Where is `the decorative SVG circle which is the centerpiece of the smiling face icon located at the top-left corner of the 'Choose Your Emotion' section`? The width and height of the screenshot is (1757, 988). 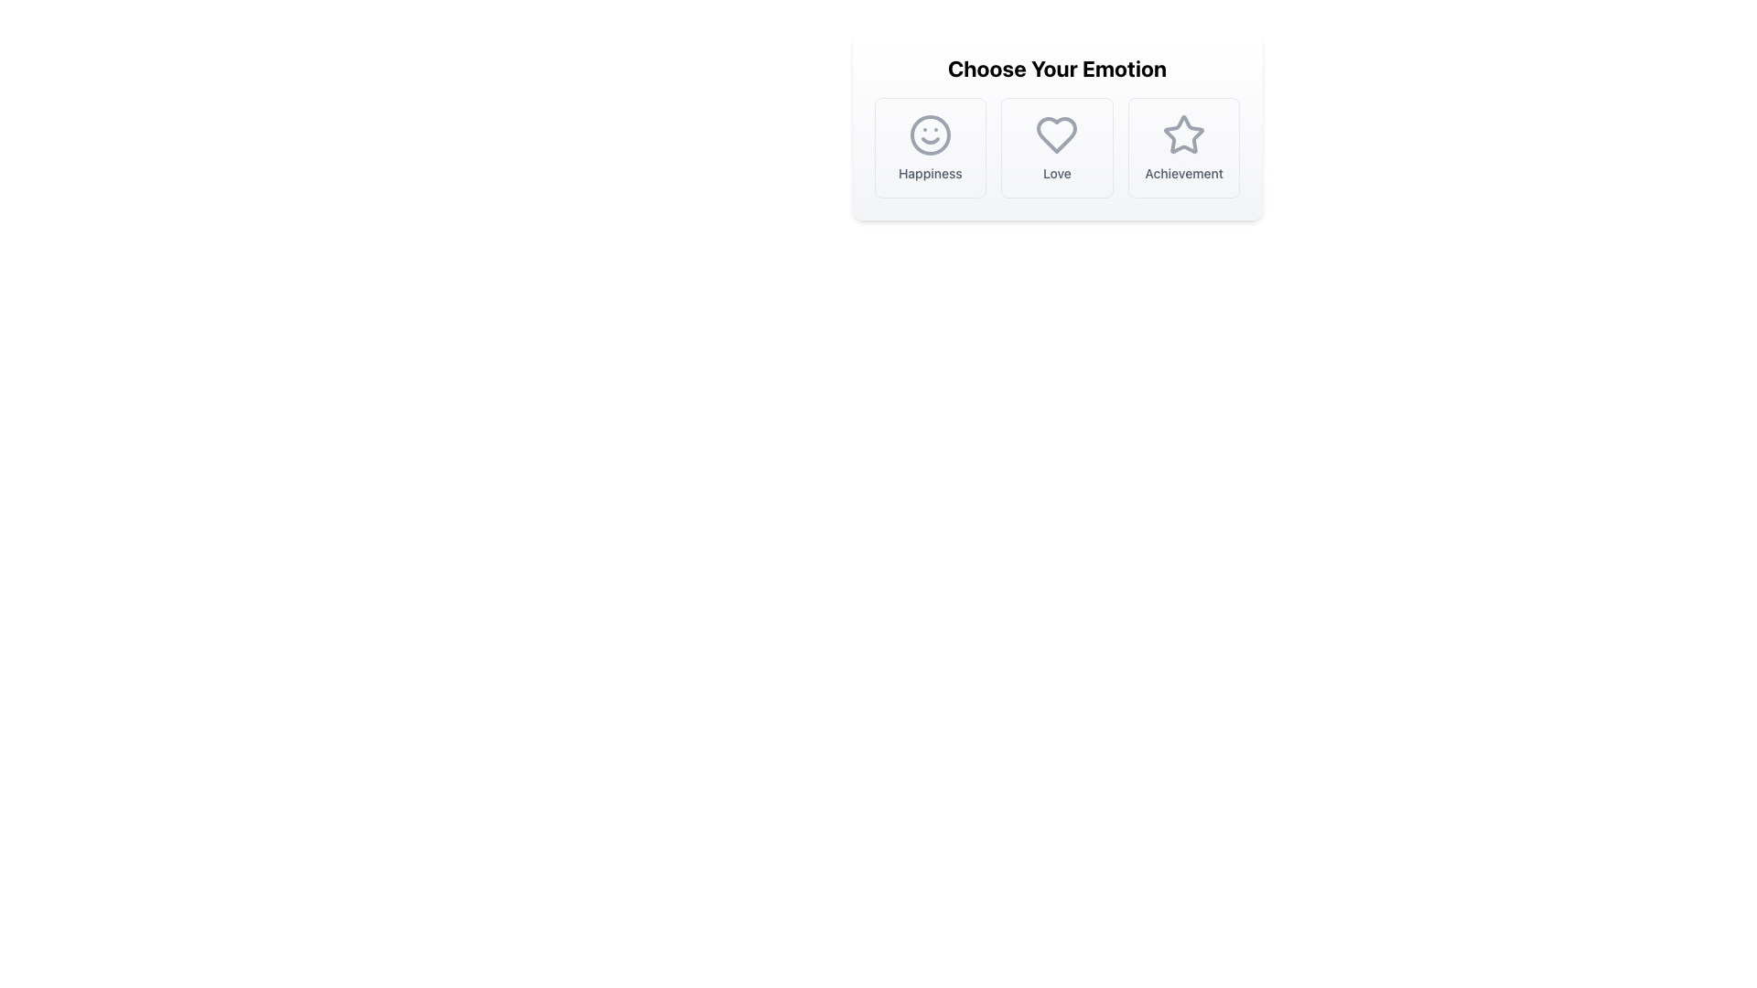 the decorative SVG circle which is the centerpiece of the smiling face icon located at the top-left corner of the 'Choose Your Emotion' section is located at coordinates (930, 134).